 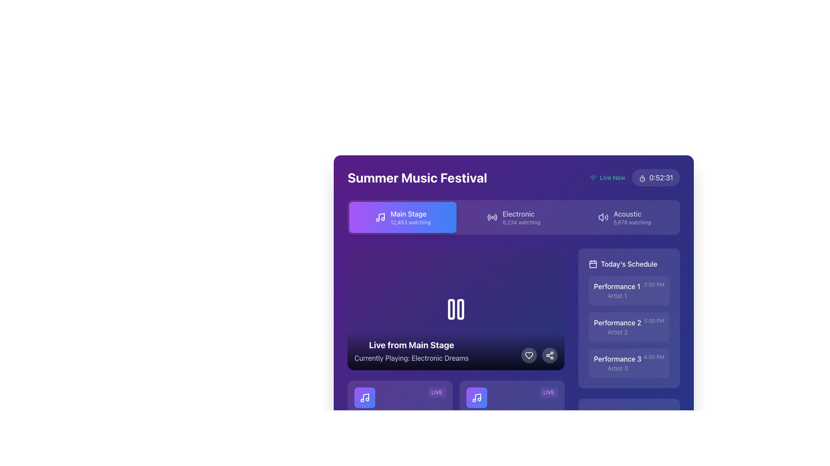 I want to click on the broadcasting signal icon, which features concentric circles and is located to the left of the text 'Electronic 8,234 watching', so click(x=492, y=217).